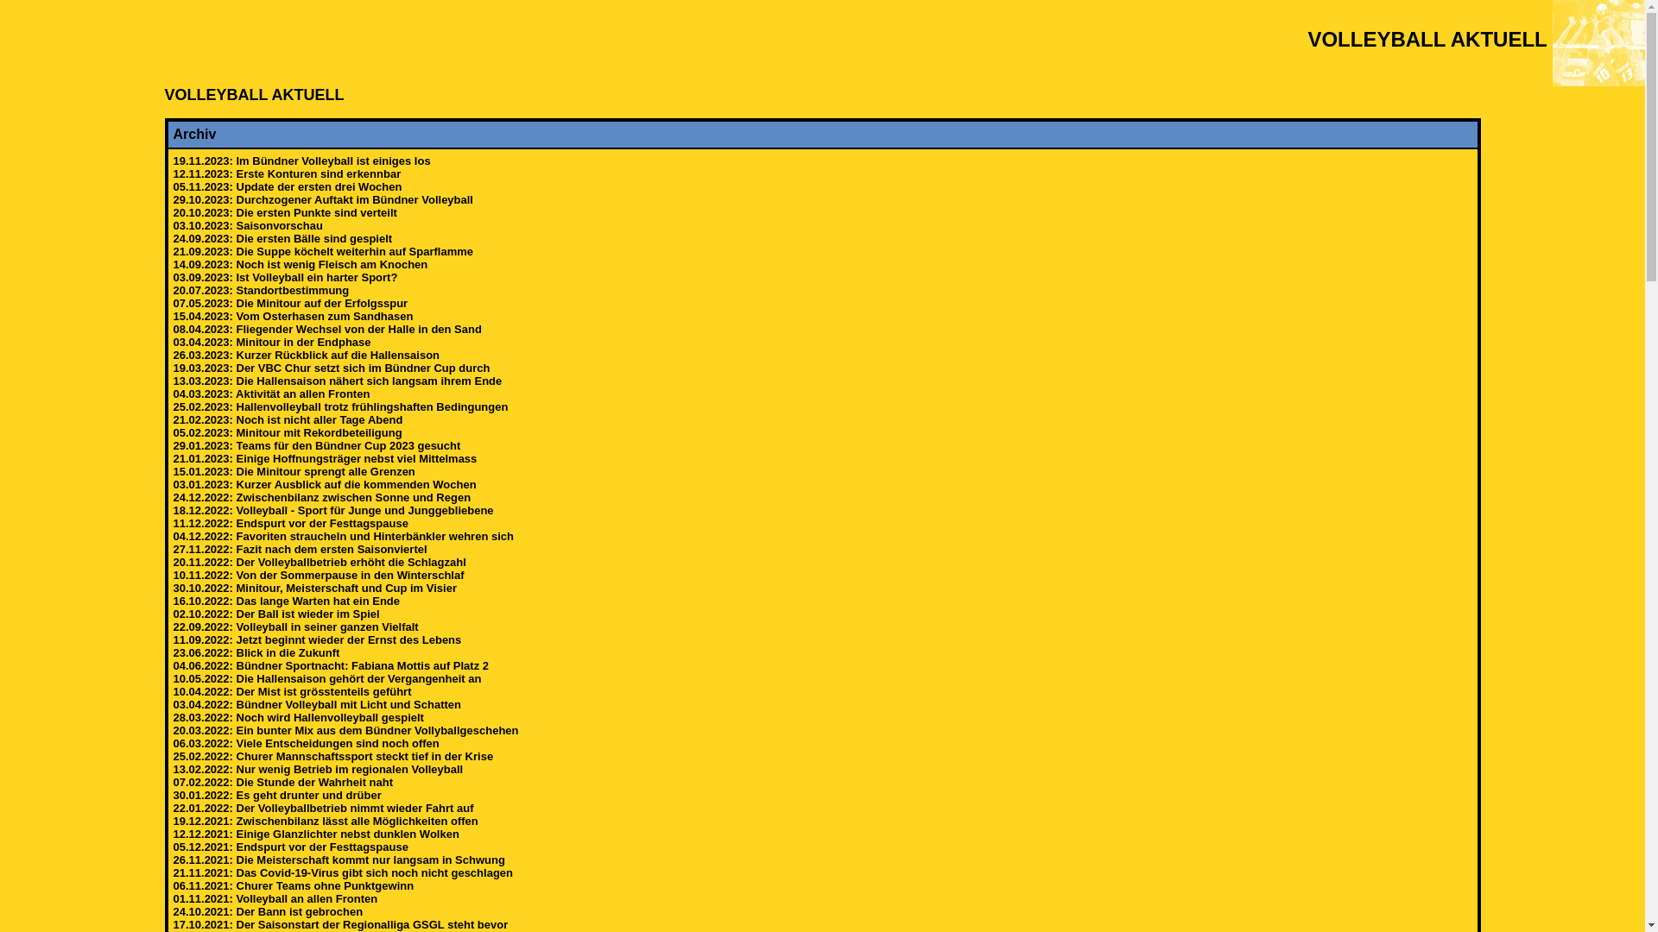 This screenshot has width=1658, height=932. I want to click on '07.02.2022: Die Stunde der Wahrheit naht', so click(282, 782).